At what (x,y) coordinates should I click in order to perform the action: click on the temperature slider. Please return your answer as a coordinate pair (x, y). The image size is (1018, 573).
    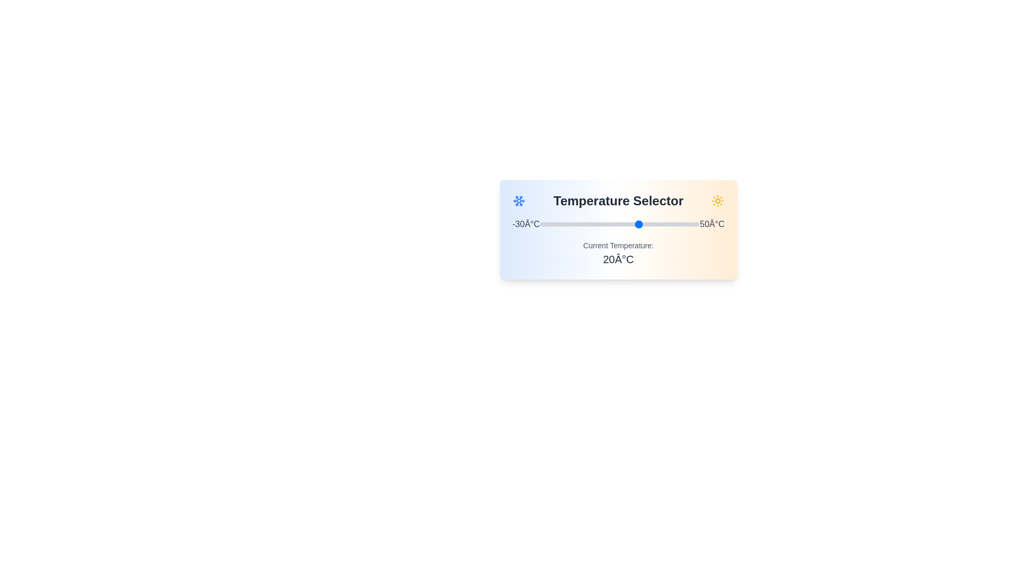
    Looking at the image, I should click on (671, 224).